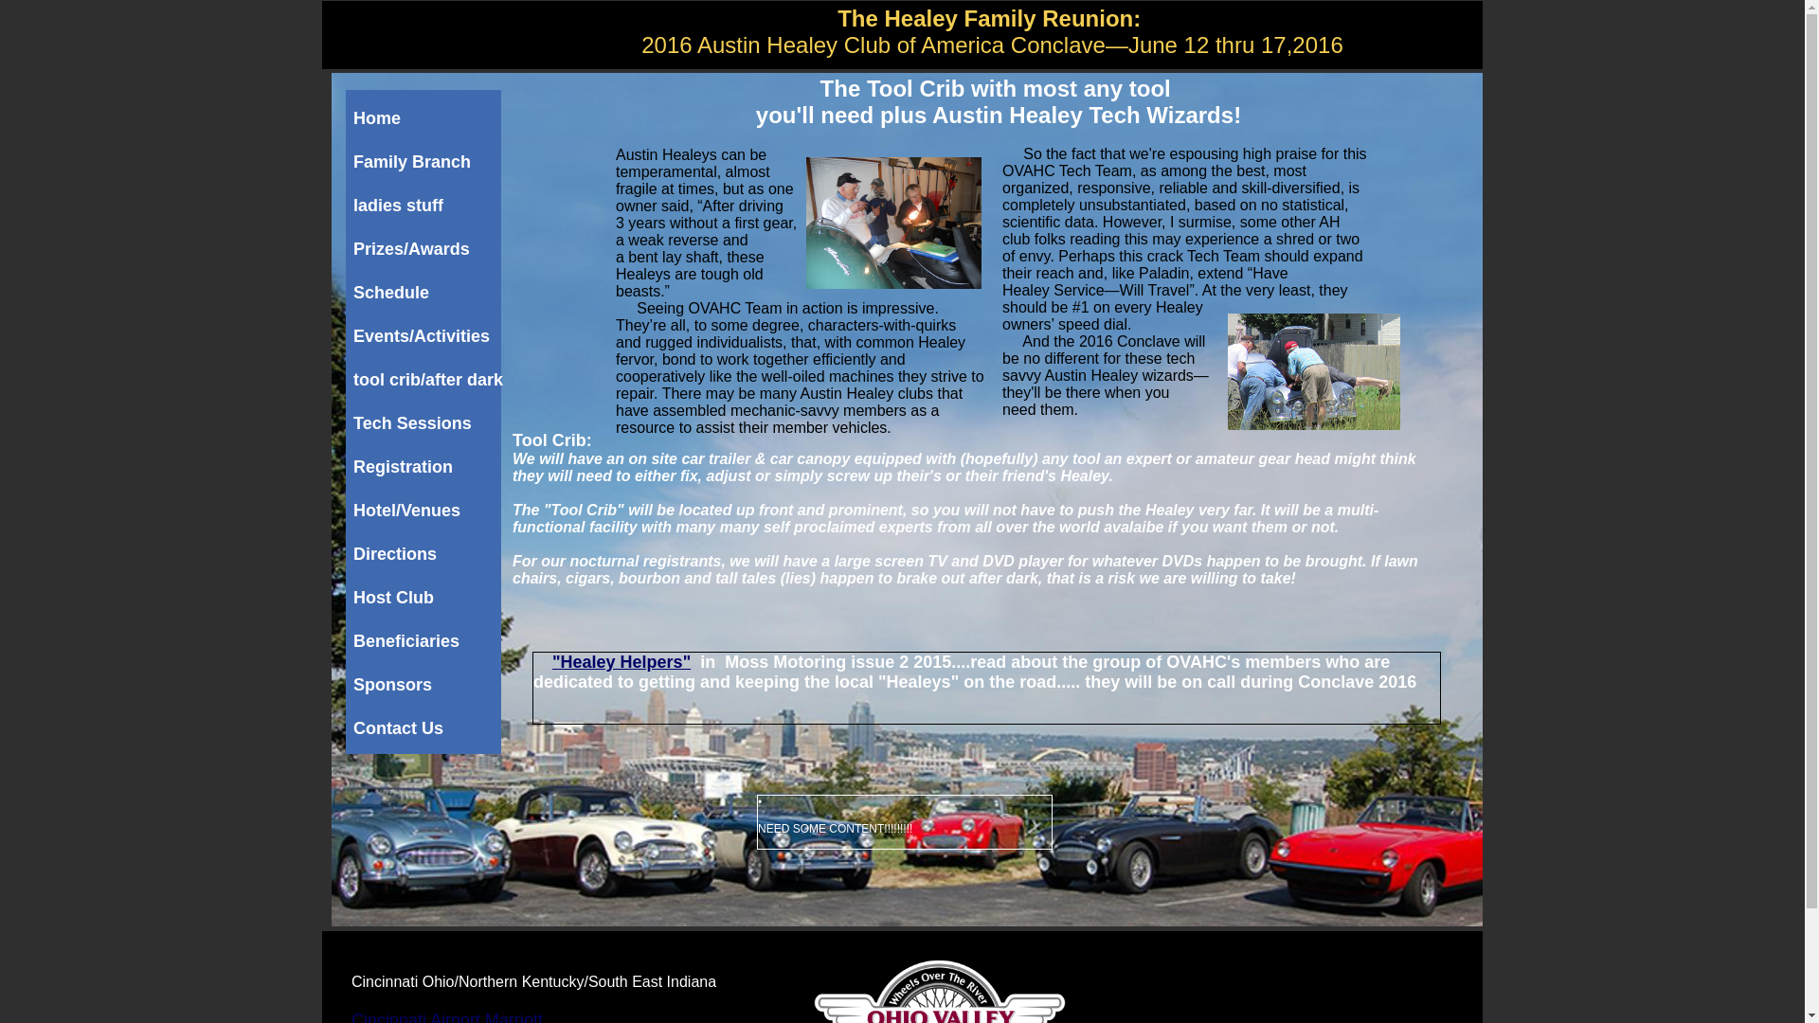 The width and height of the screenshot is (1819, 1023). Describe the element at coordinates (426, 119) in the screenshot. I see `'Home'` at that location.